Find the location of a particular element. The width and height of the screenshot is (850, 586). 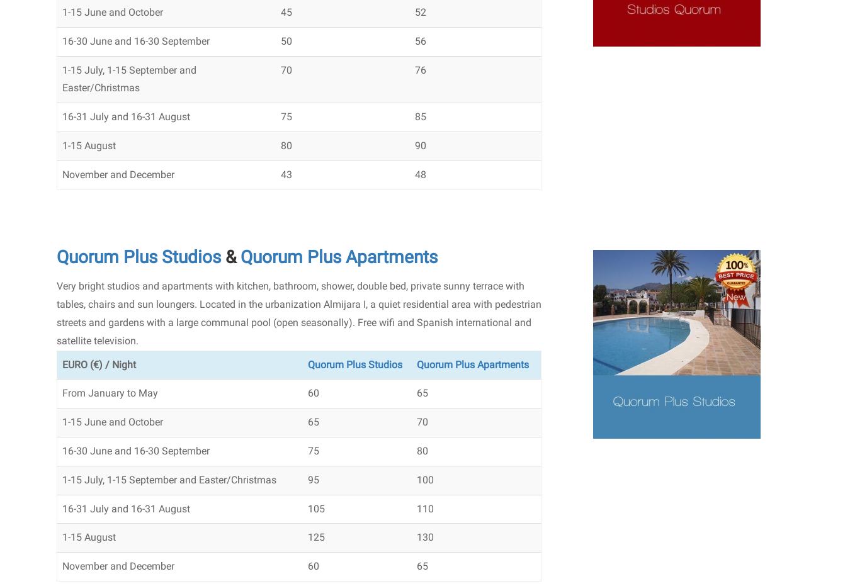

'130' is located at coordinates (425, 536).